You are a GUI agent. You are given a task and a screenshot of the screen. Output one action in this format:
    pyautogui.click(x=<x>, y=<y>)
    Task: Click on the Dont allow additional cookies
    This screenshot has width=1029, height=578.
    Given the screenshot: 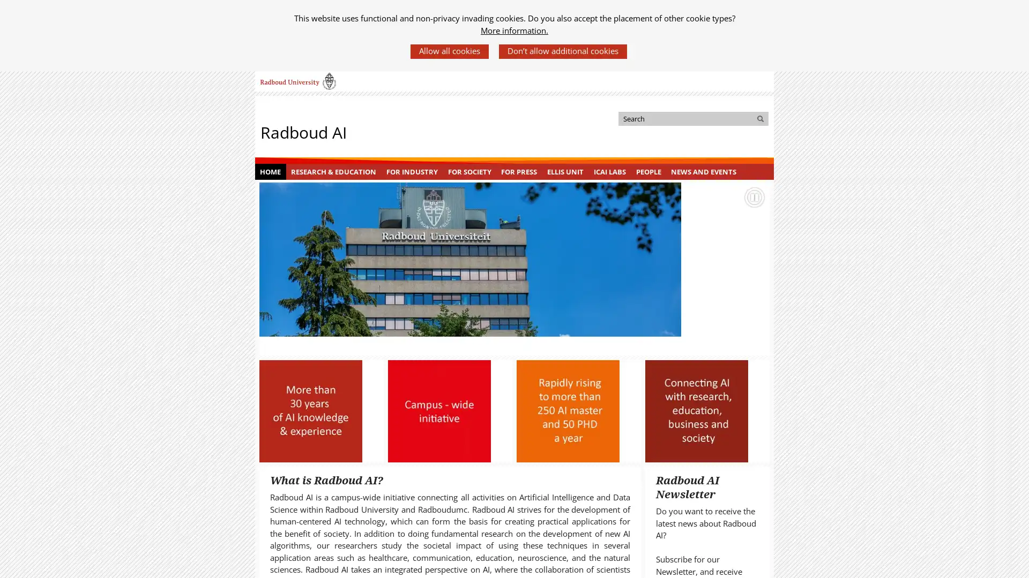 What is the action you would take?
    pyautogui.click(x=562, y=51)
    